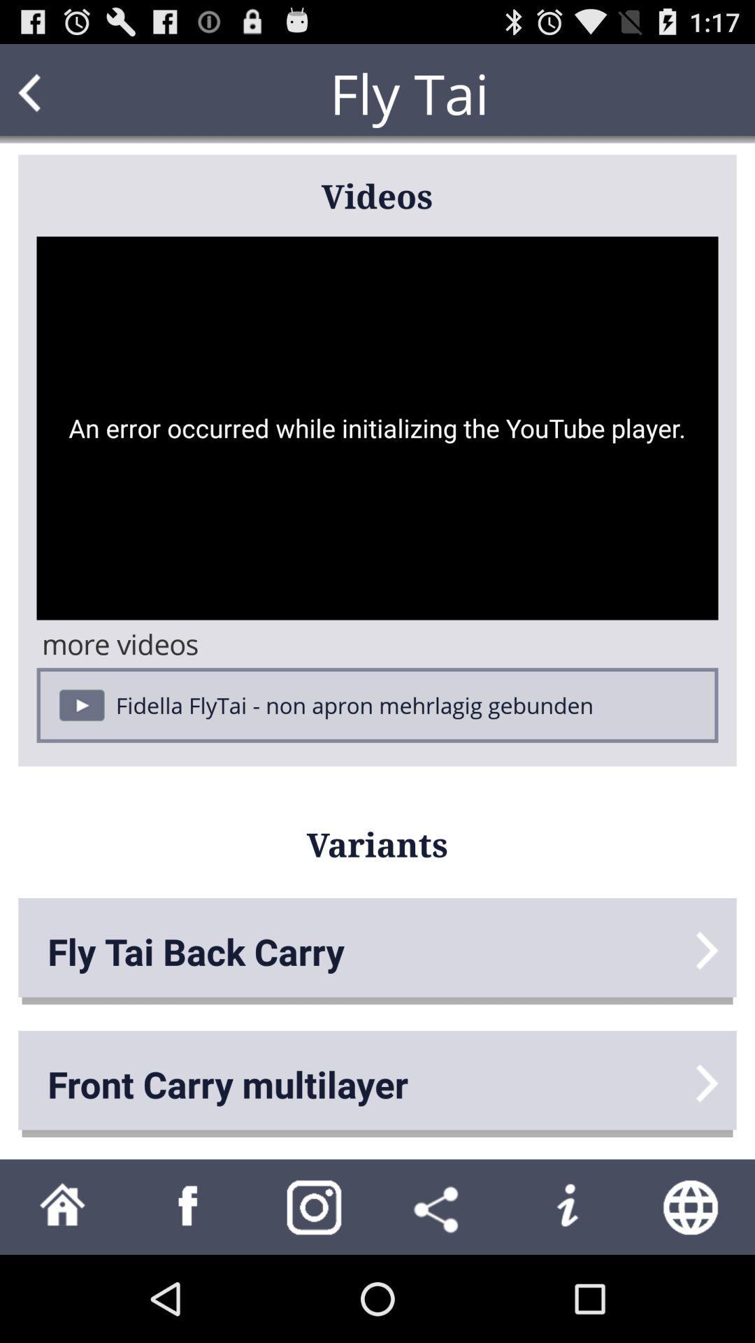 This screenshot has height=1343, width=755. I want to click on share with others, so click(439, 1206).